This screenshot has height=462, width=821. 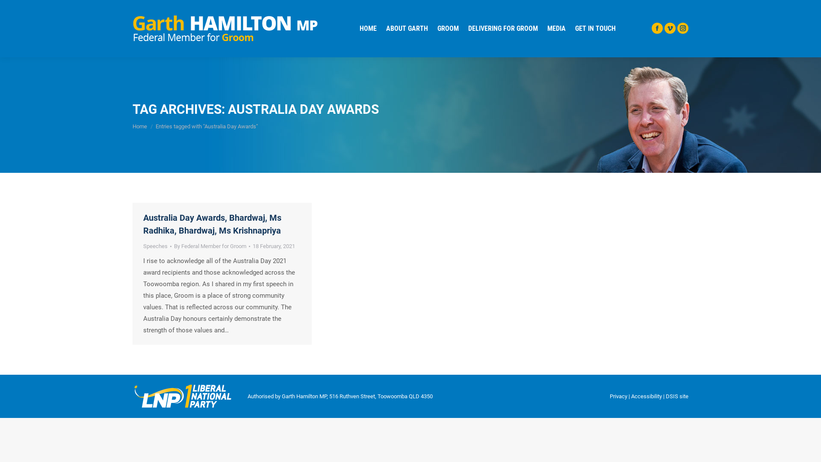 I want to click on 'Accessibility', so click(x=647, y=396).